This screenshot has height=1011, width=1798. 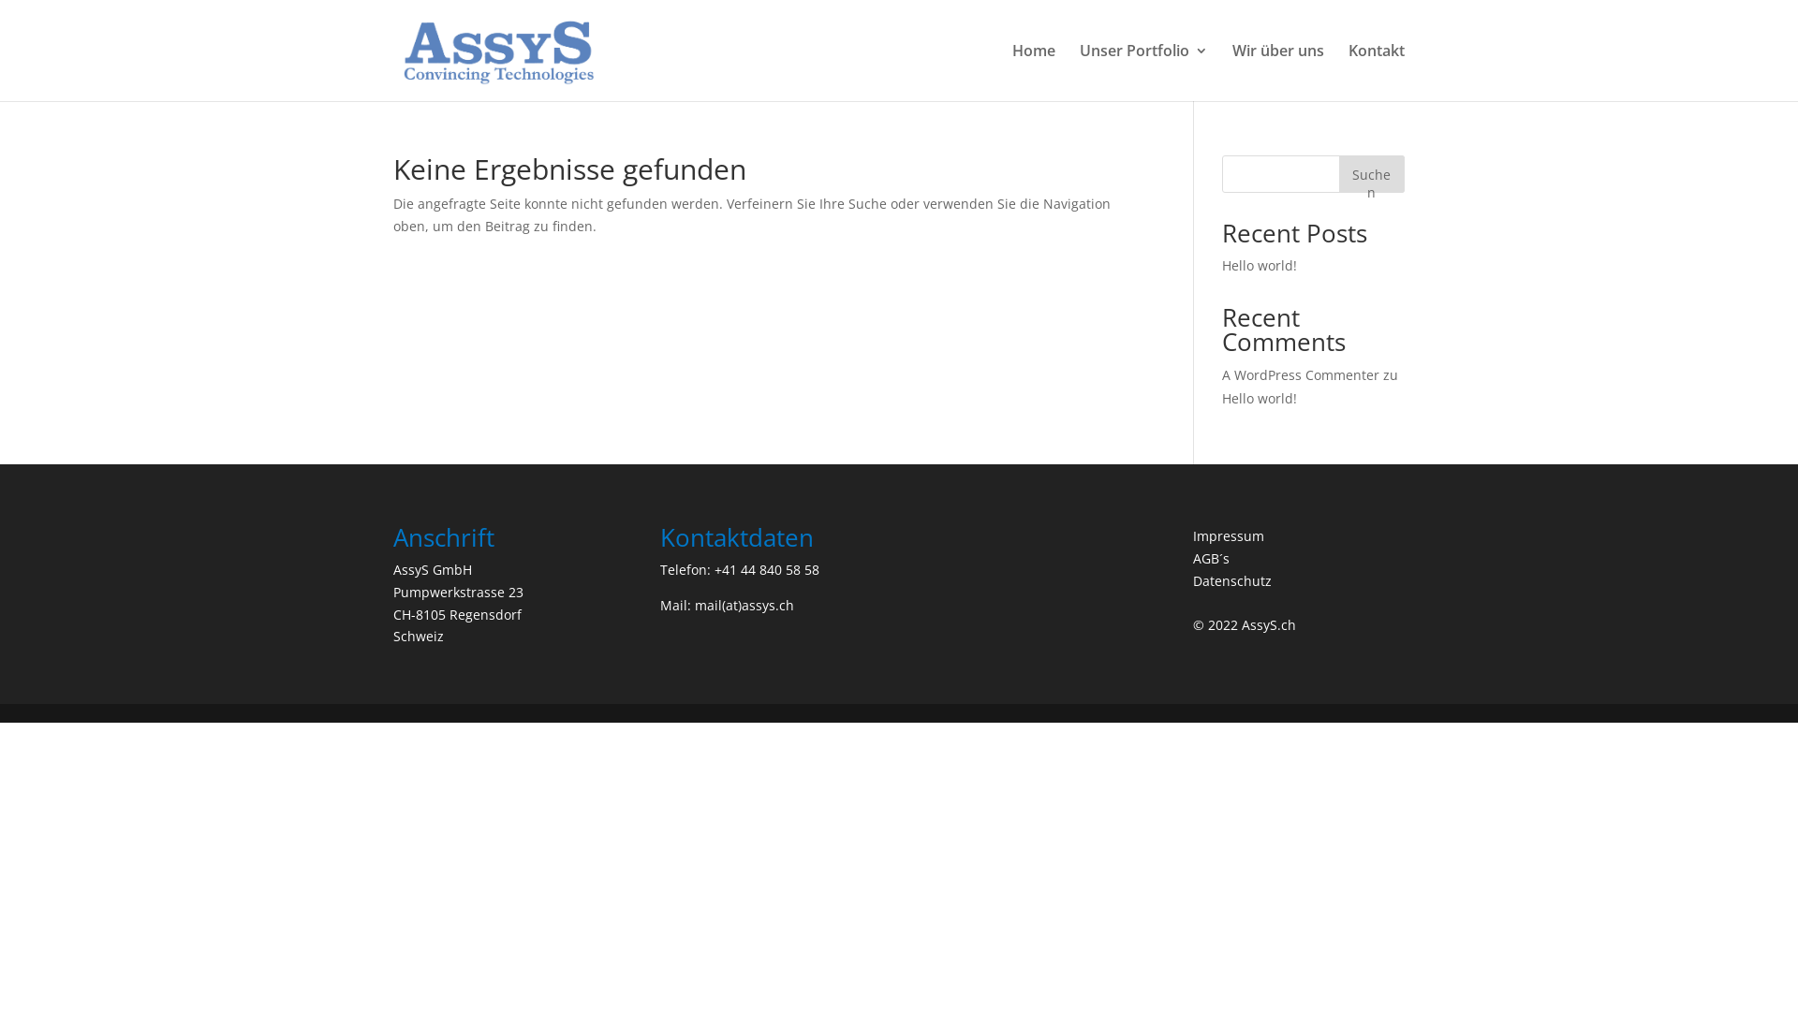 What do you see at coordinates (1222, 374) in the screenshot?
I see `'A WordPress Commenter'` at bounding box center [1222, 374].